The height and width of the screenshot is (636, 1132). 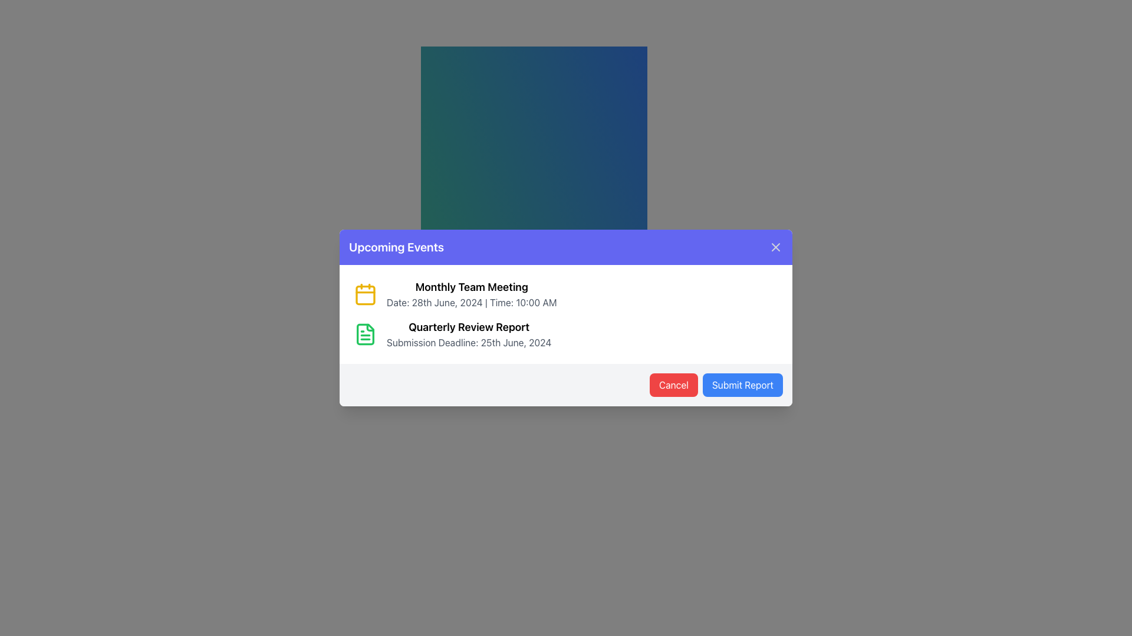 What do you see at coordinates (468, 327) in the screenshot?
I see `the text label reading 'Quarterly Review Report' which is styled in large bold font and located in the middle section of the dialog box titled 'Upcoming Events'` at bounding box center [468, 327].